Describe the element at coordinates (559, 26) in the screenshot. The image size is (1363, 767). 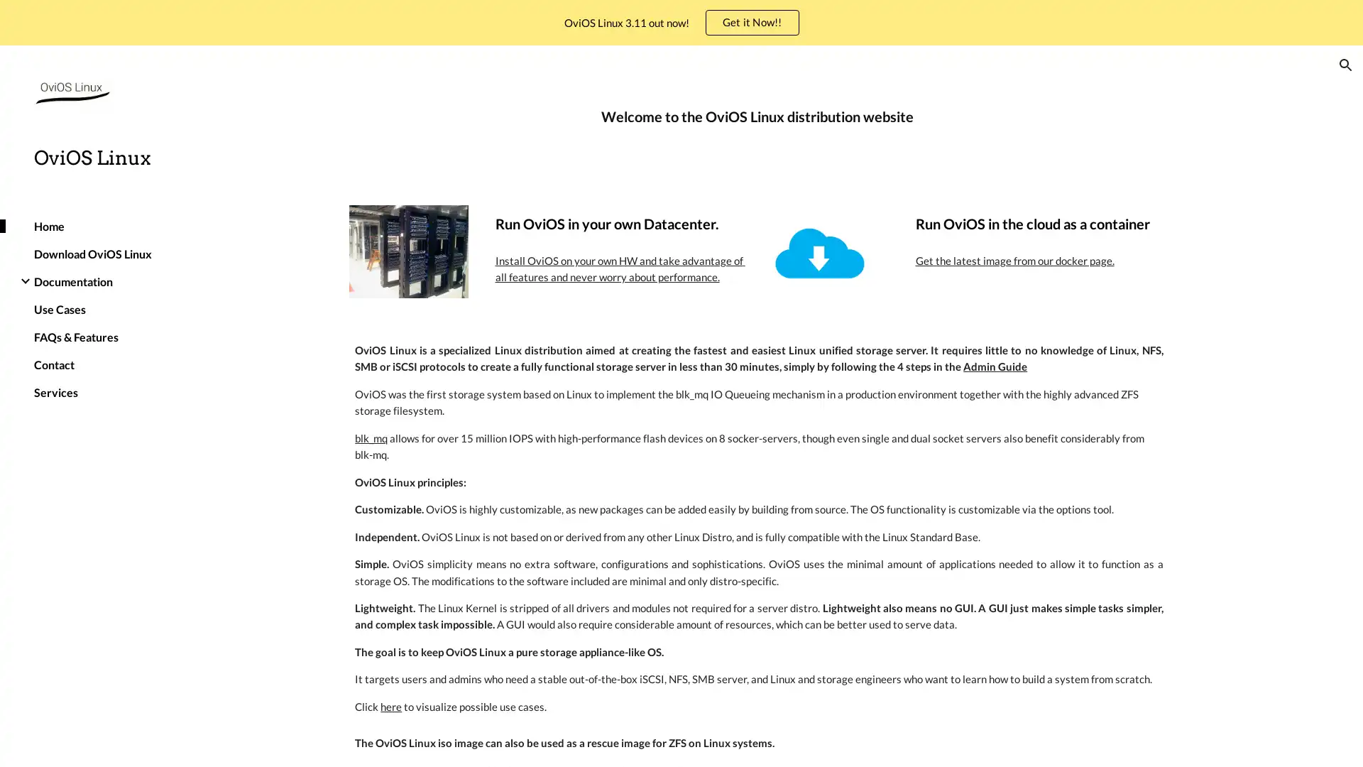
I see `Skip to main content` at that location.